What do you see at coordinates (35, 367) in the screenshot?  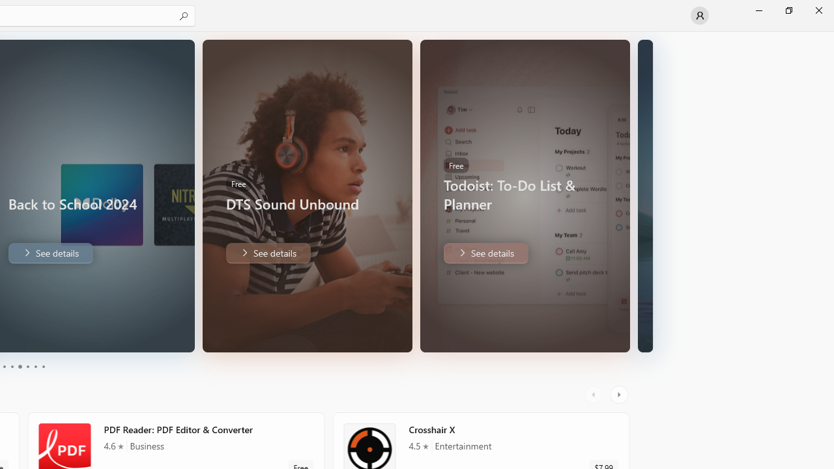 I see `'Page 5'` at bounding box center [35, 367].